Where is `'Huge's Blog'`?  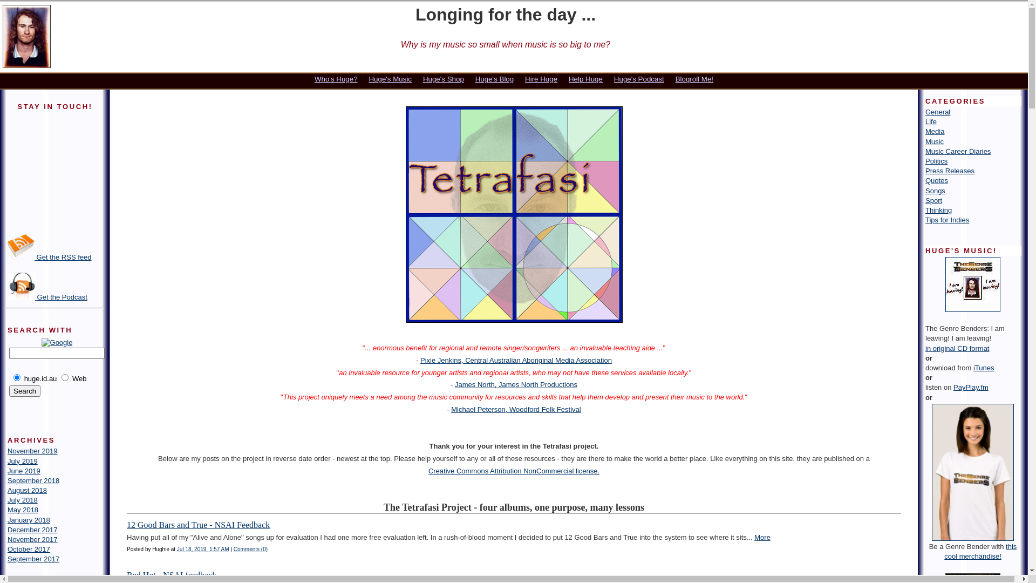 'Huge's Blog' is located at coordinates (494, 78).